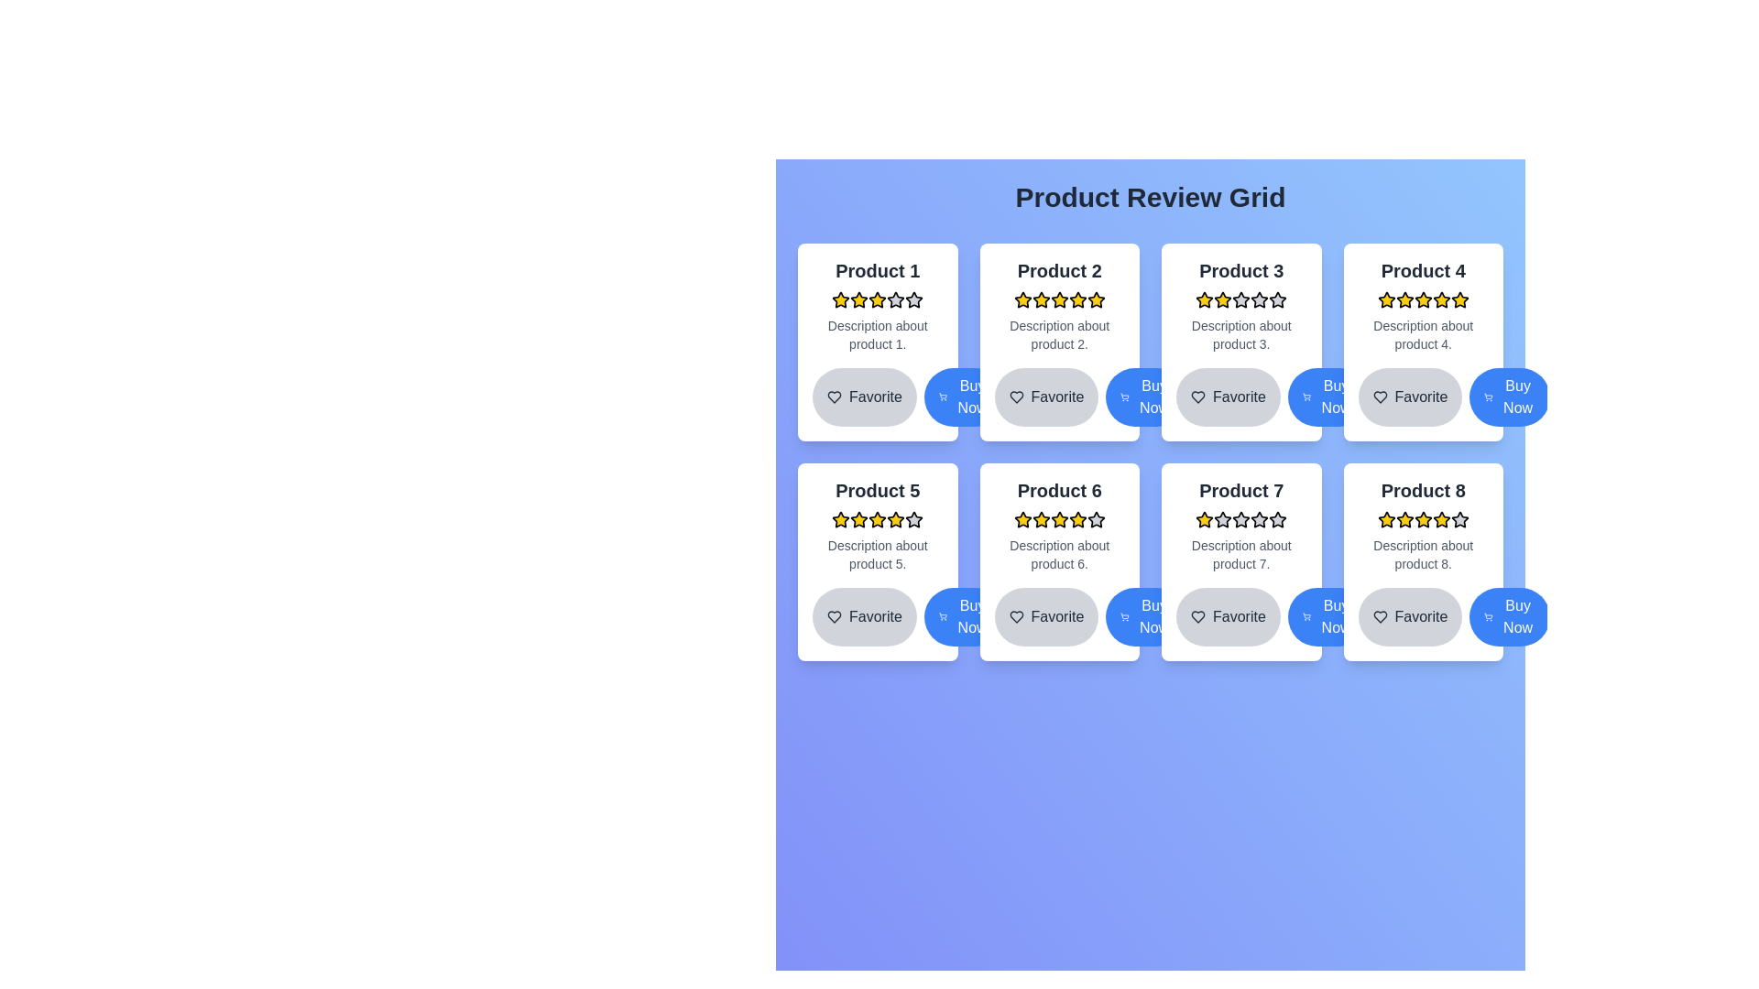 The height and width of the screenshot is (989, 1759). I want to click on the button located at the bottom left of the 'Product 6' card to mark the product as a favorite item, so click(1059, 617).